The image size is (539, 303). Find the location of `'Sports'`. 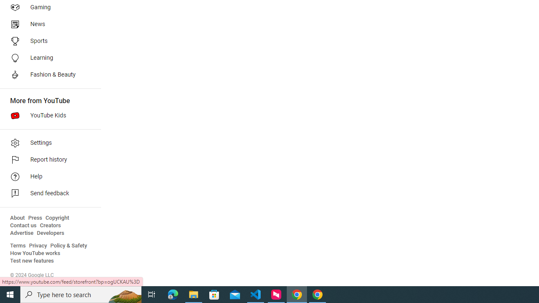

'Sports' is located at coordinates (47, 41).